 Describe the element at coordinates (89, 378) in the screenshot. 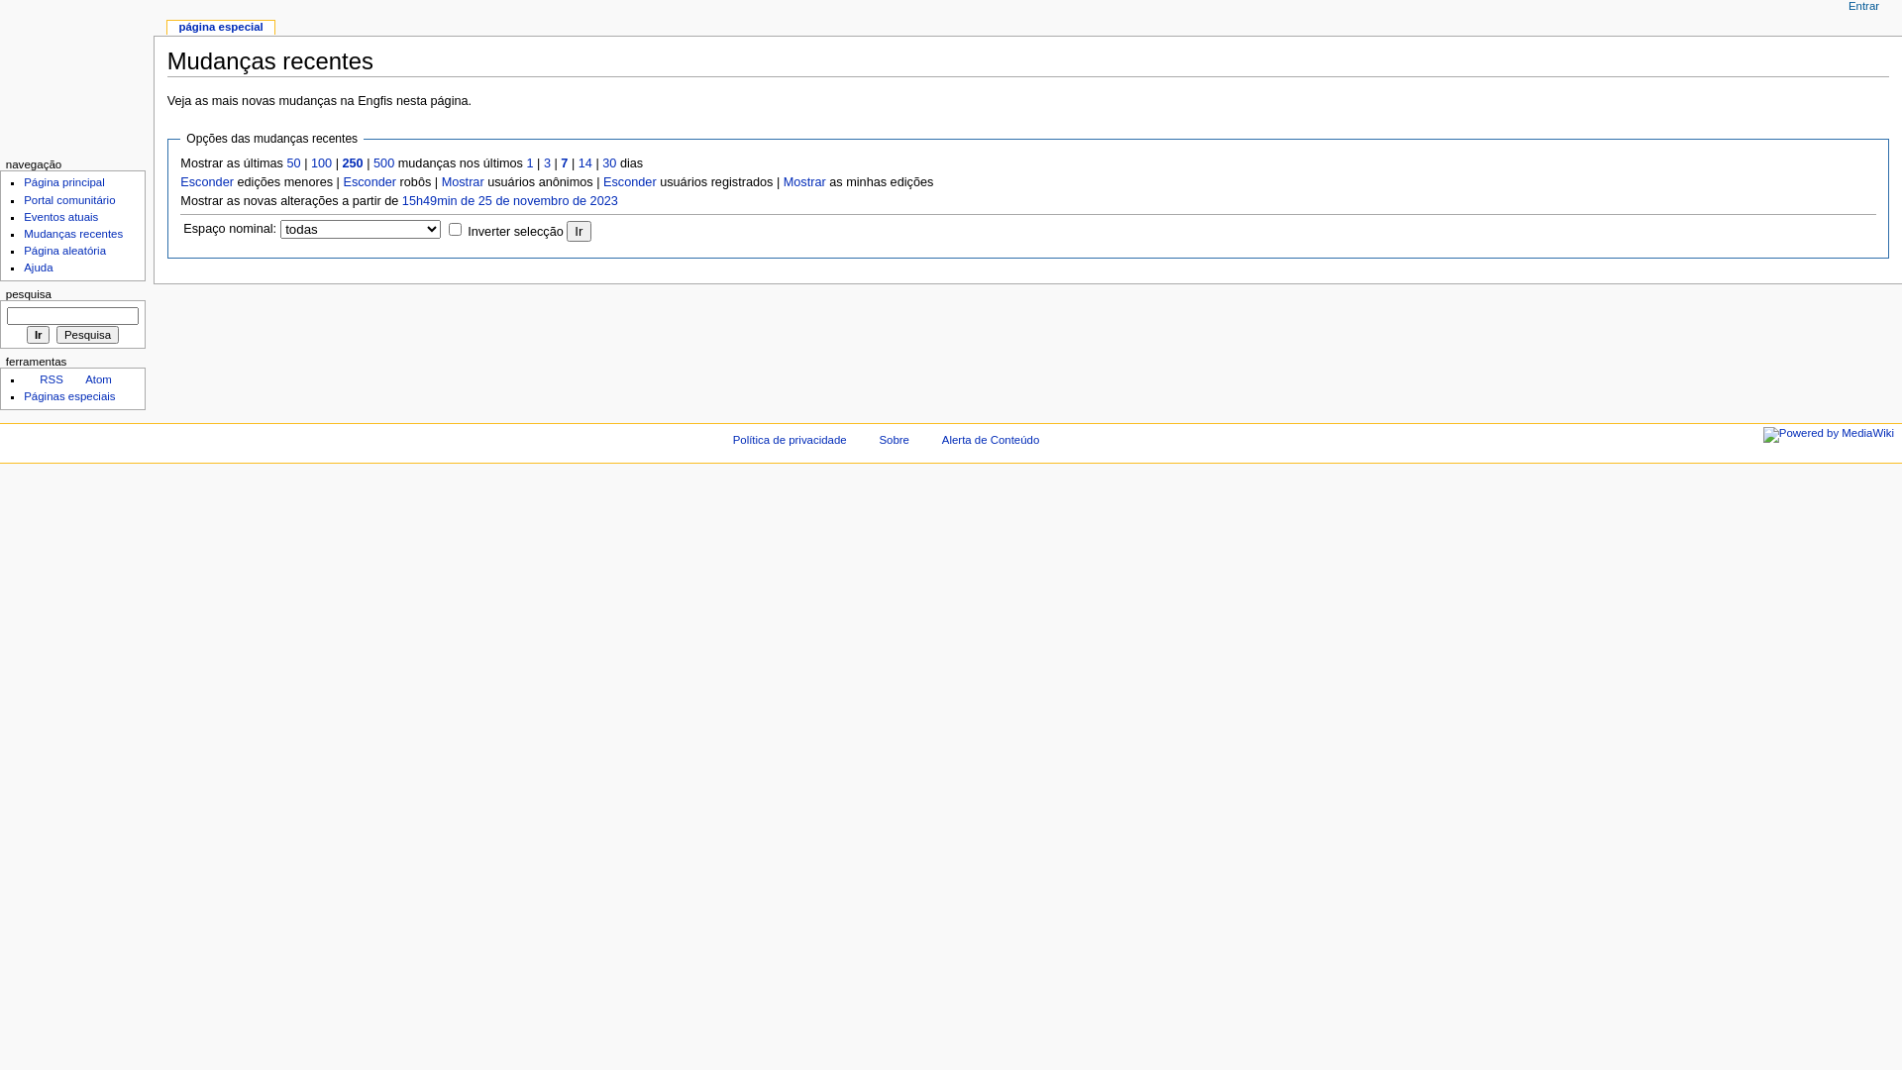

I see `'Atom'` at that location.